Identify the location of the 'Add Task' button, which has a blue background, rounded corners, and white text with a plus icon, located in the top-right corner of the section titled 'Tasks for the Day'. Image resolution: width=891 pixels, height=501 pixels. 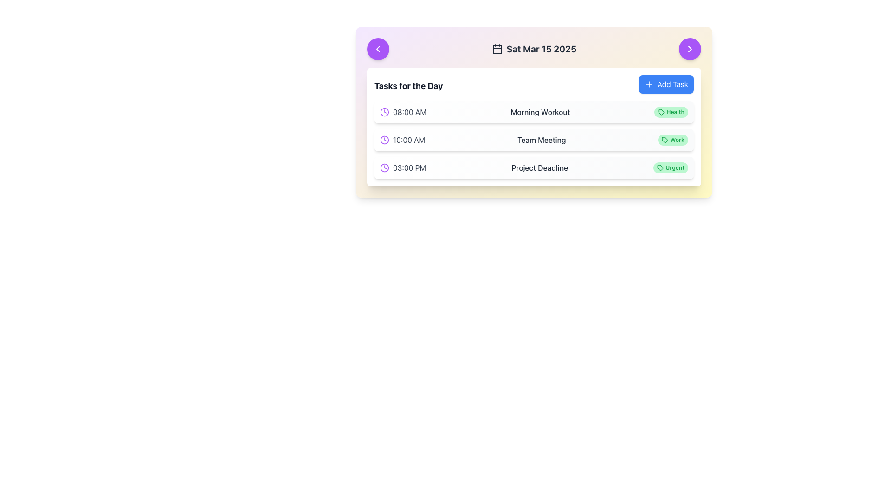
(665, 84).